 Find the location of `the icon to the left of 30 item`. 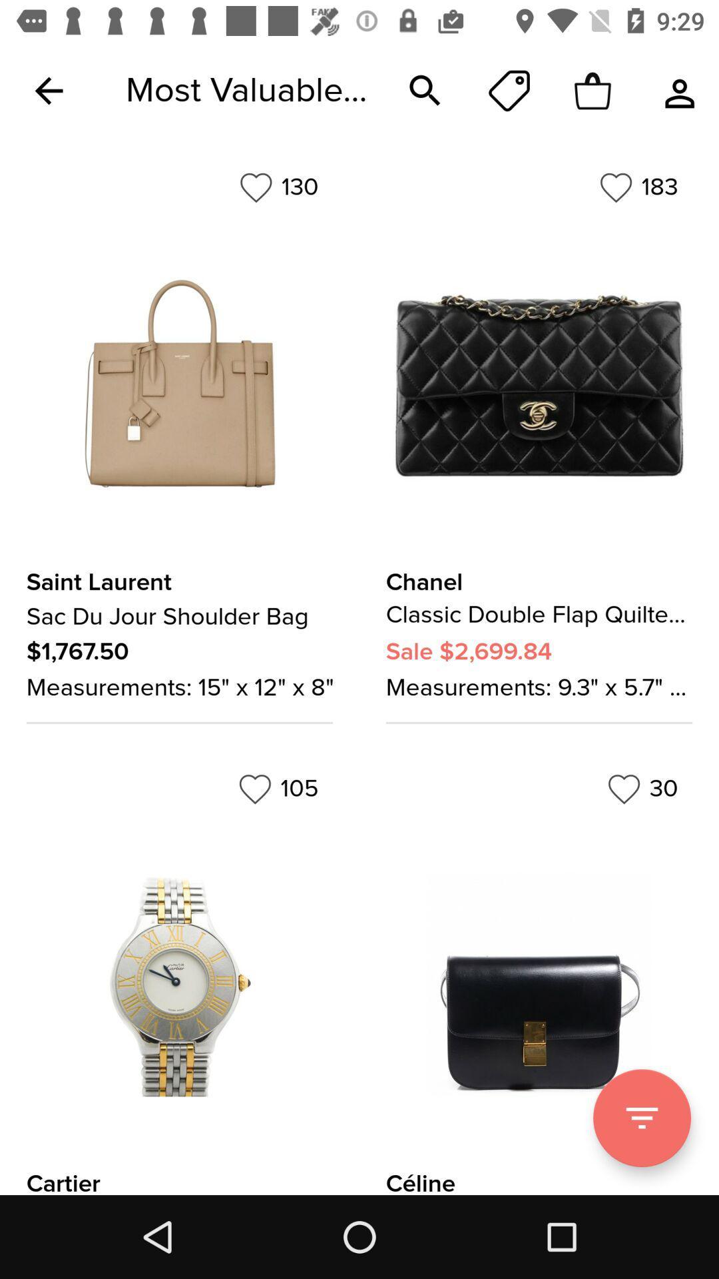

the icon to the left of 30 item is located at coordinates (278, 789).